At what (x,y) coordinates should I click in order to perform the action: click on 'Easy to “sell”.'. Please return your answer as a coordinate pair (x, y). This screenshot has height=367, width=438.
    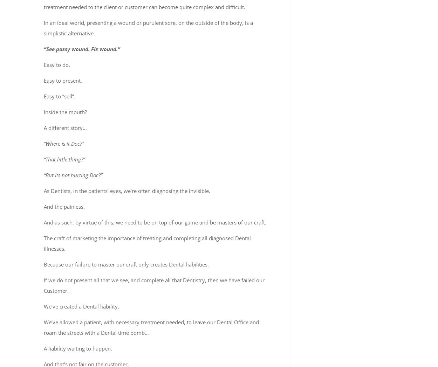
    Looking at the image, I should click on (60, 96).